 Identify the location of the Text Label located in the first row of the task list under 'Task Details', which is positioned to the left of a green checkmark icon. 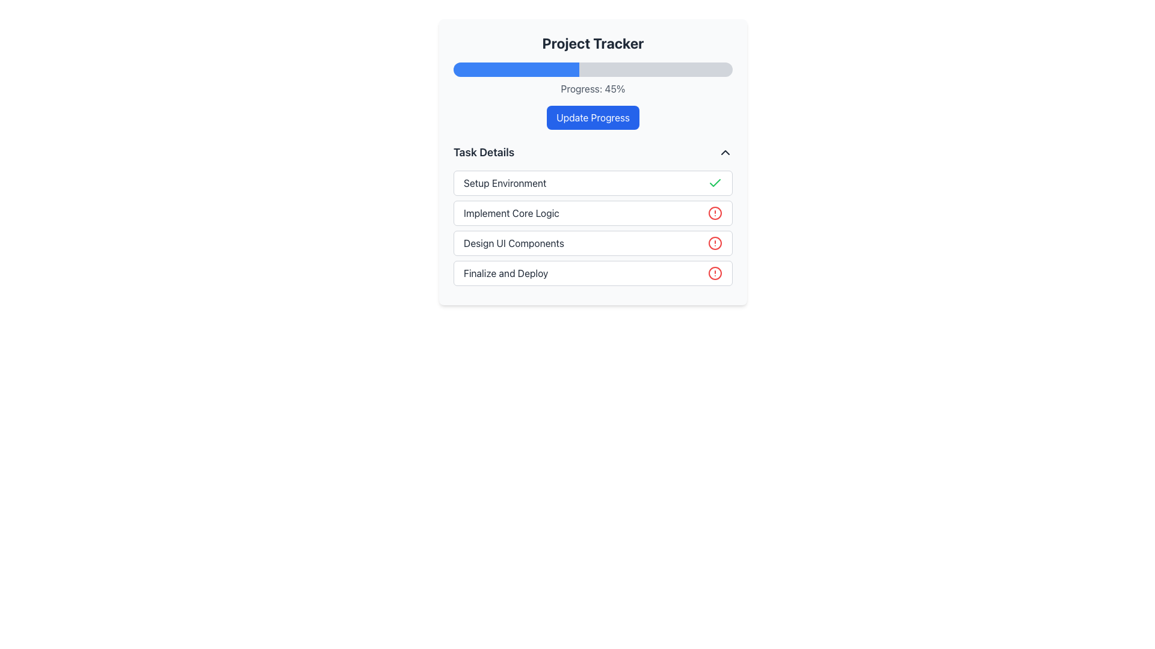
(505, 183).